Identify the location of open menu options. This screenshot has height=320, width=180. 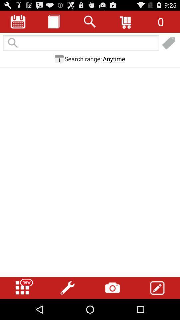
(22, 288).